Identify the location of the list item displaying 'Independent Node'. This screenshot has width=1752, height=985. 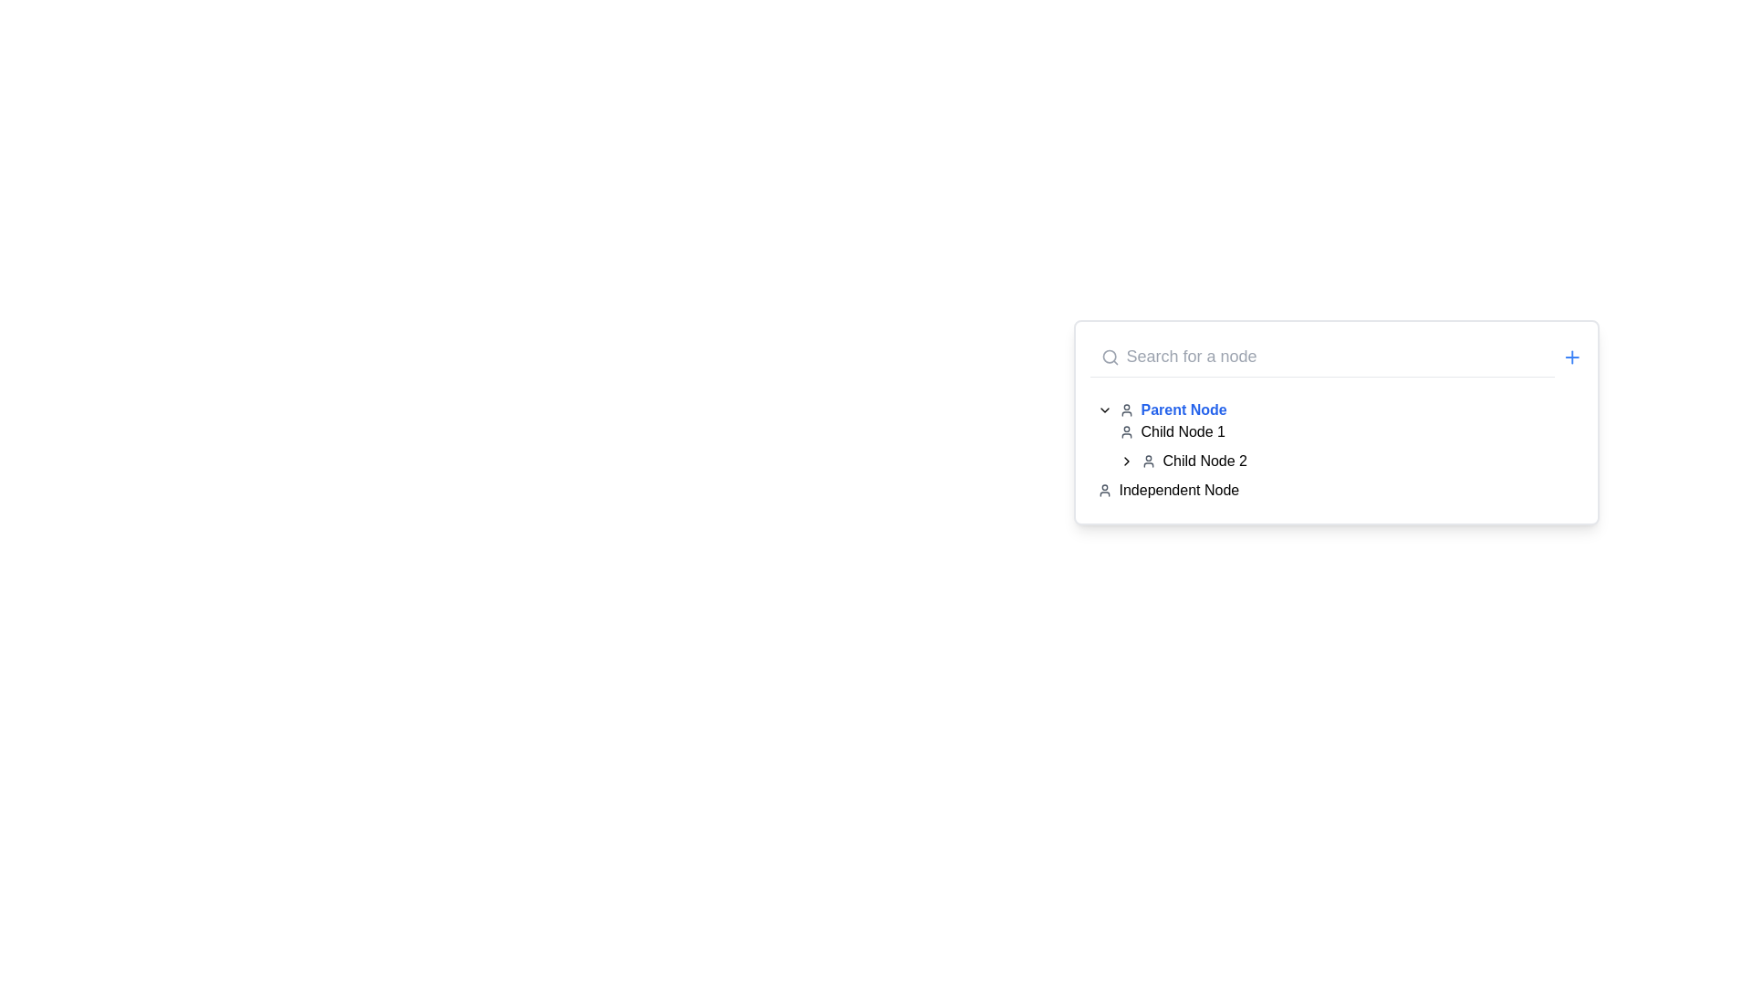
(1179, 489).